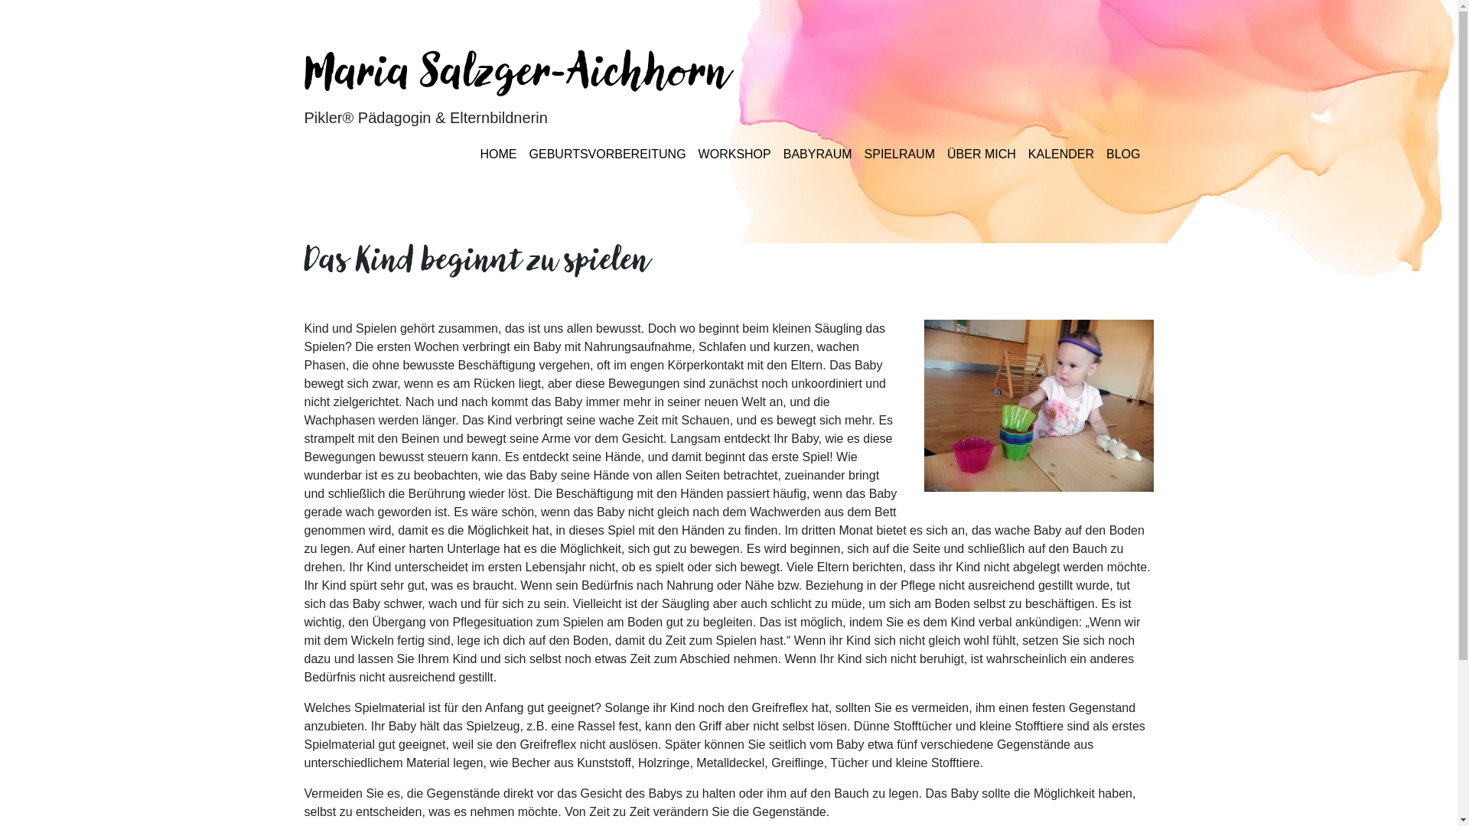  What do you see at coordinates (499, 154) in the screenshot?
I see `'HOME'` at bounding box center [499, 154].